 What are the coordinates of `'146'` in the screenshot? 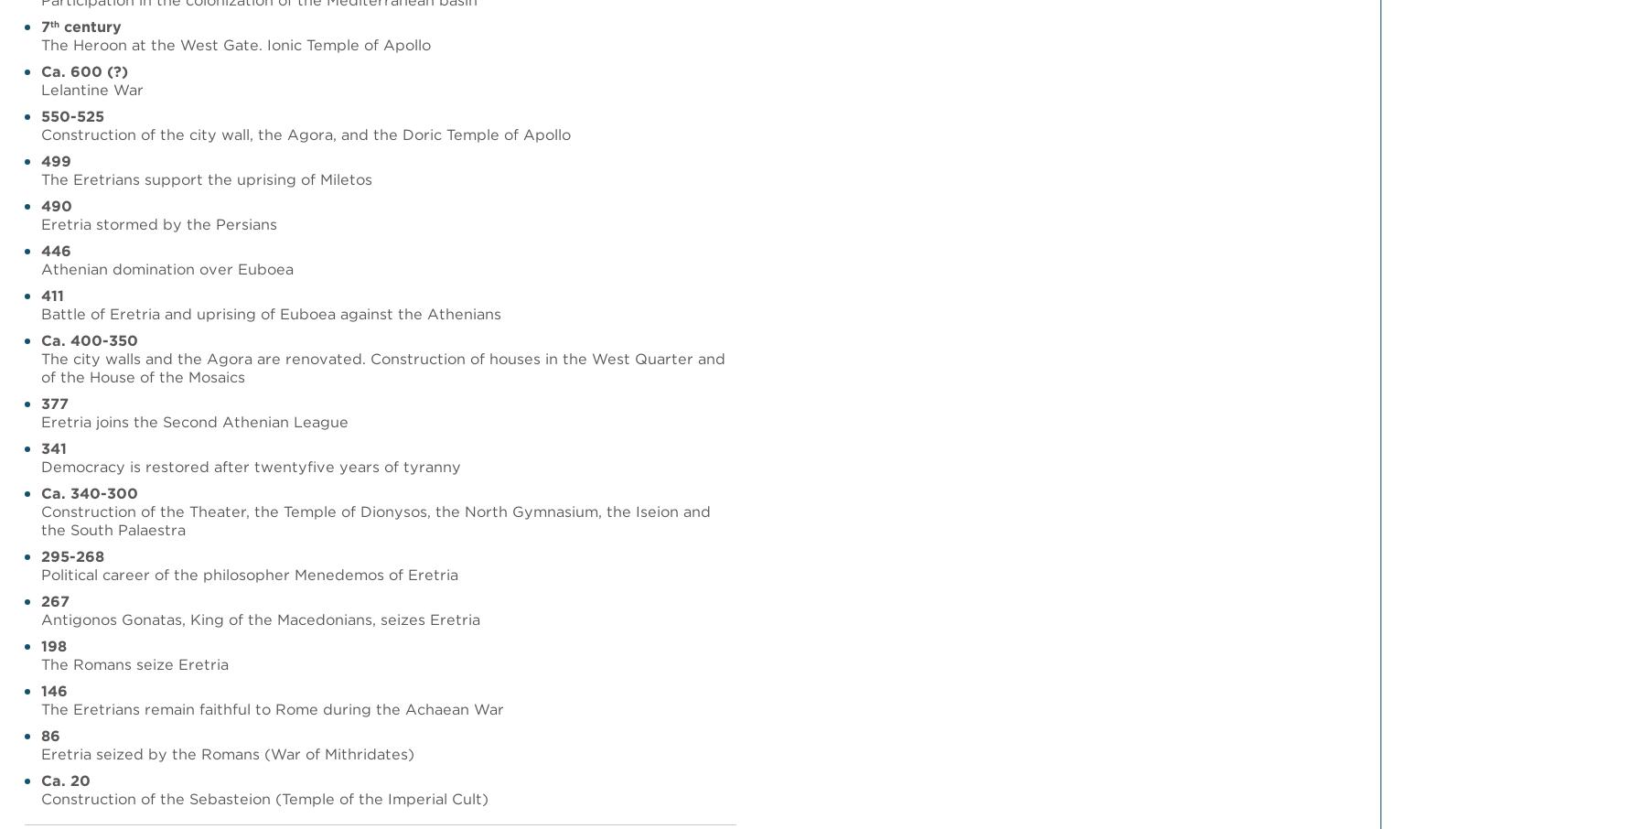 It's located at (53, 689).